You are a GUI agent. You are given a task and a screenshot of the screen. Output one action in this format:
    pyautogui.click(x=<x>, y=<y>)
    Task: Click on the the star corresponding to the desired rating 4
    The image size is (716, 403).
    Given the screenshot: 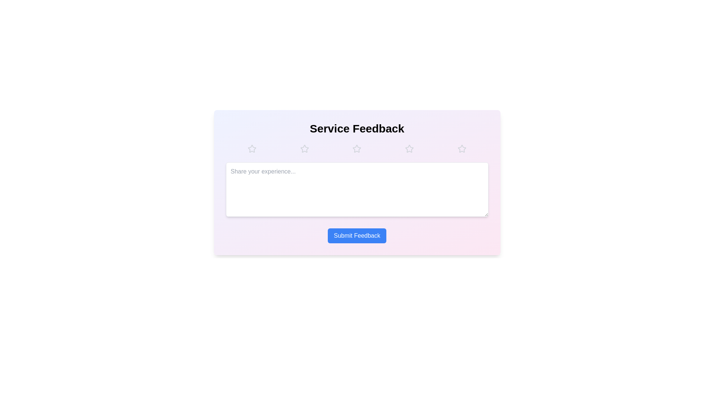 What is the action you would take?
    pyautogui.click(x=409, y=149)
    